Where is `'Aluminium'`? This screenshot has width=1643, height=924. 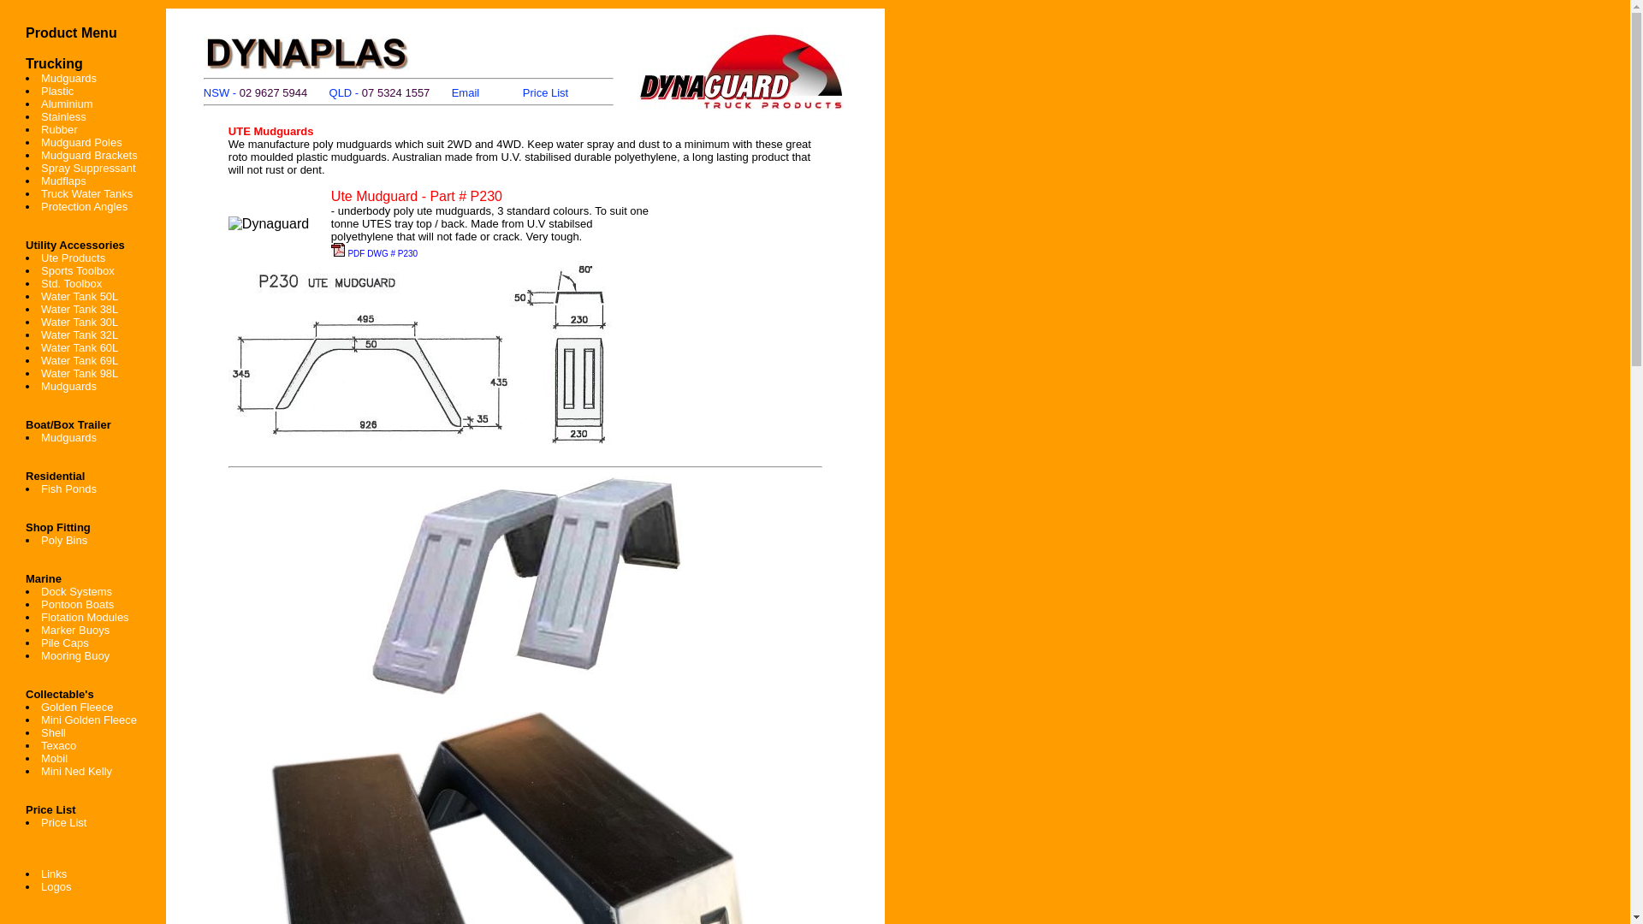
'Aluminium' is located at coordinates (67, 104).